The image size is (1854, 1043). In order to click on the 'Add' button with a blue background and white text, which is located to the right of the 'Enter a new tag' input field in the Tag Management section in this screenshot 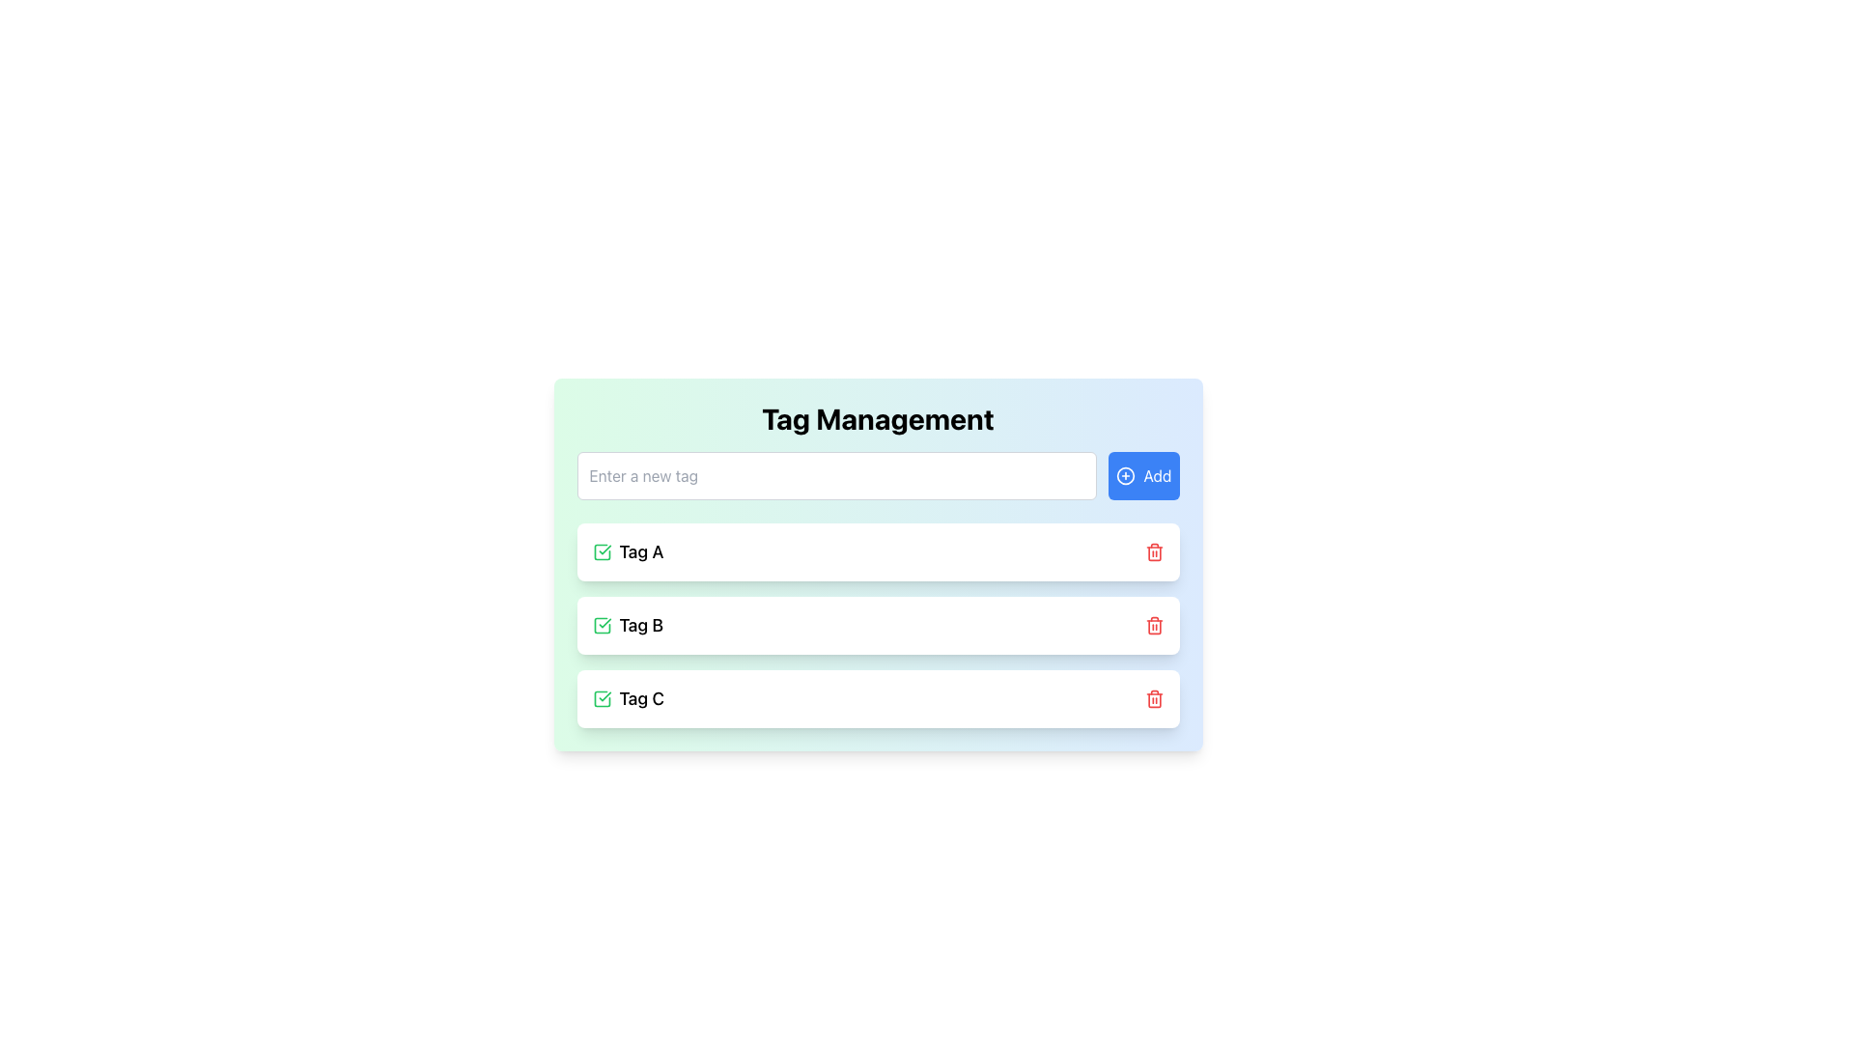, I will do `click(1144, 476)`.